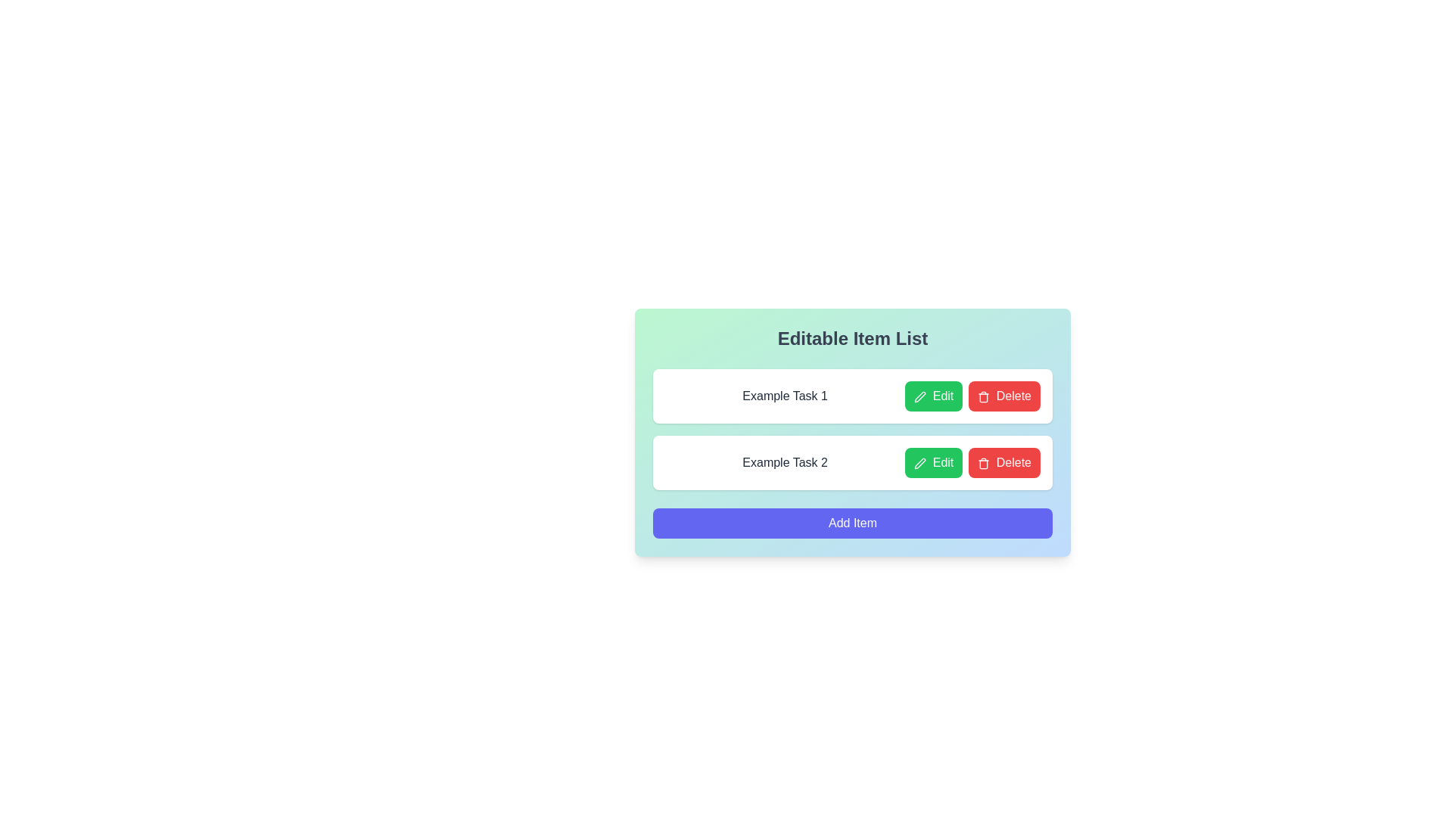  What do you see at coordinates (984, 396) in the screenshot?
I see `the delete icon located within the red 'Delete' button at the far right of each editable task row` at bounding box center [984, 396].